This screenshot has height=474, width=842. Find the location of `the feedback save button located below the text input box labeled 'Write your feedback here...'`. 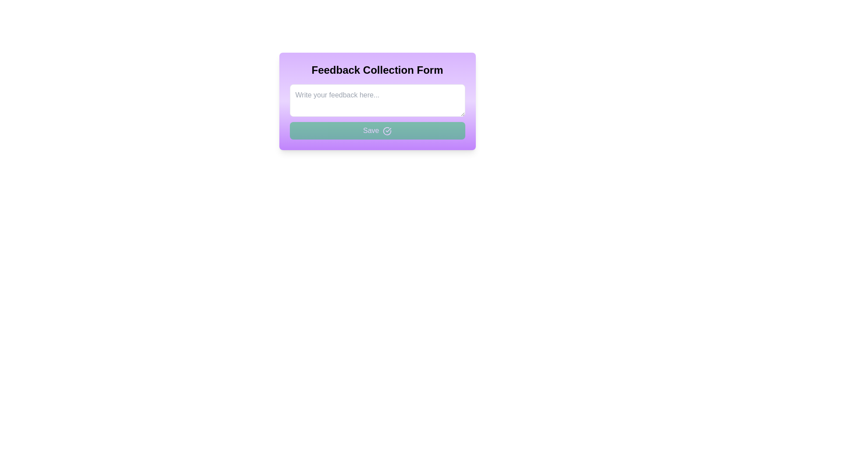

the feedback save button located below the text input box labeled 'Write your feedback here...' is located at coordinates (377, 130).